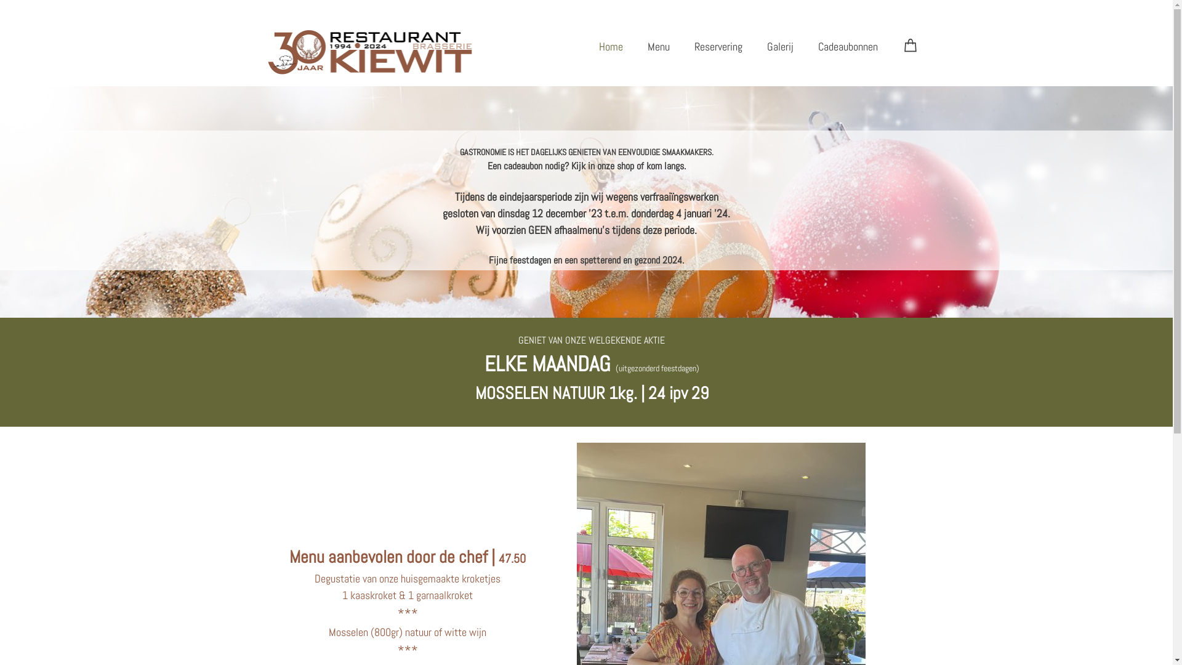 Image resolution: width=1182 pixels, height=665 pixels. I want to click on 'Home', so click(610, 46).